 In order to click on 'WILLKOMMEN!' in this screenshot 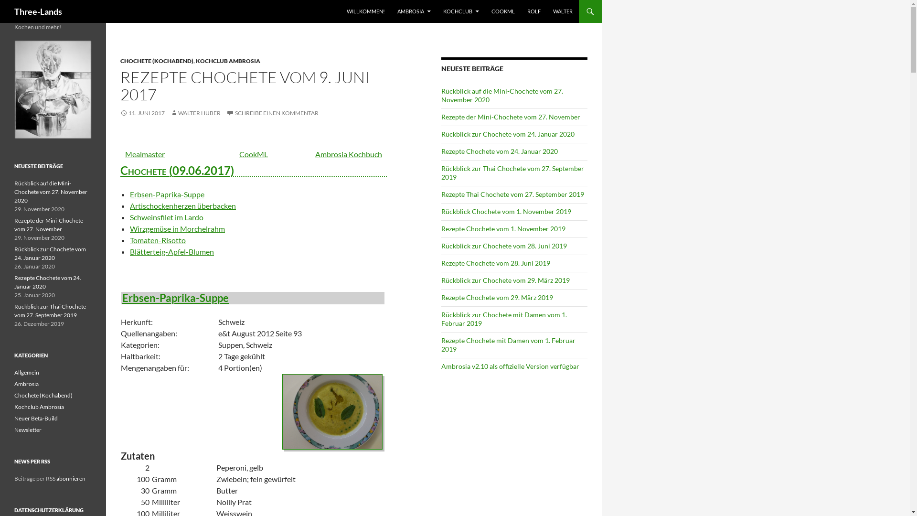, I will do `click(341, 11)`.